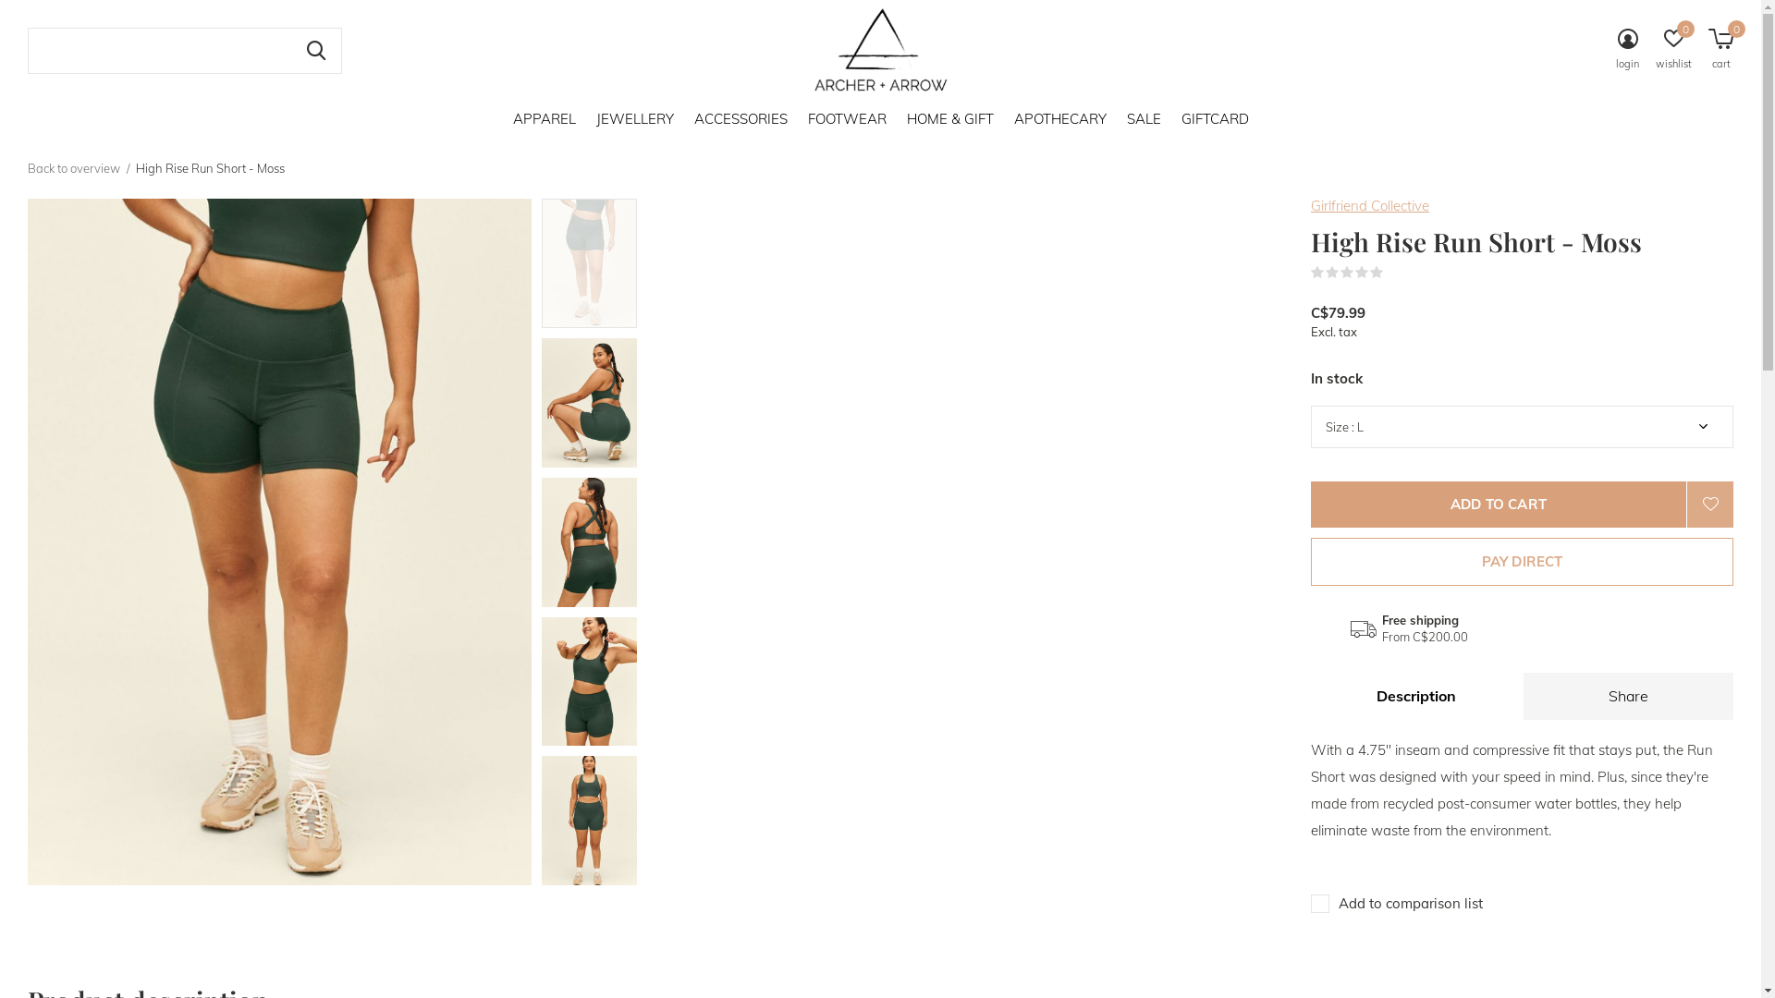 The height and width of the screenshot is (998, 1775). I want to click on 'login', so click(1627, 51).